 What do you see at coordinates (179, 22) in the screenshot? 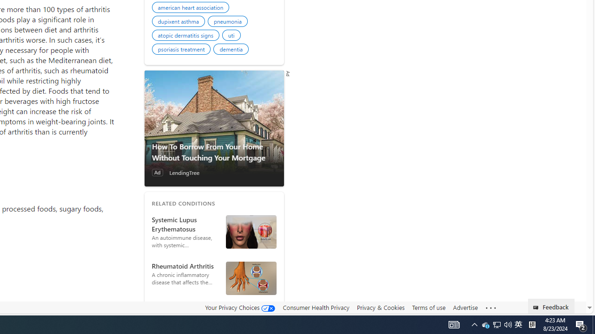
I see `'dupixent asthma'` at bounding box center [179, 22].